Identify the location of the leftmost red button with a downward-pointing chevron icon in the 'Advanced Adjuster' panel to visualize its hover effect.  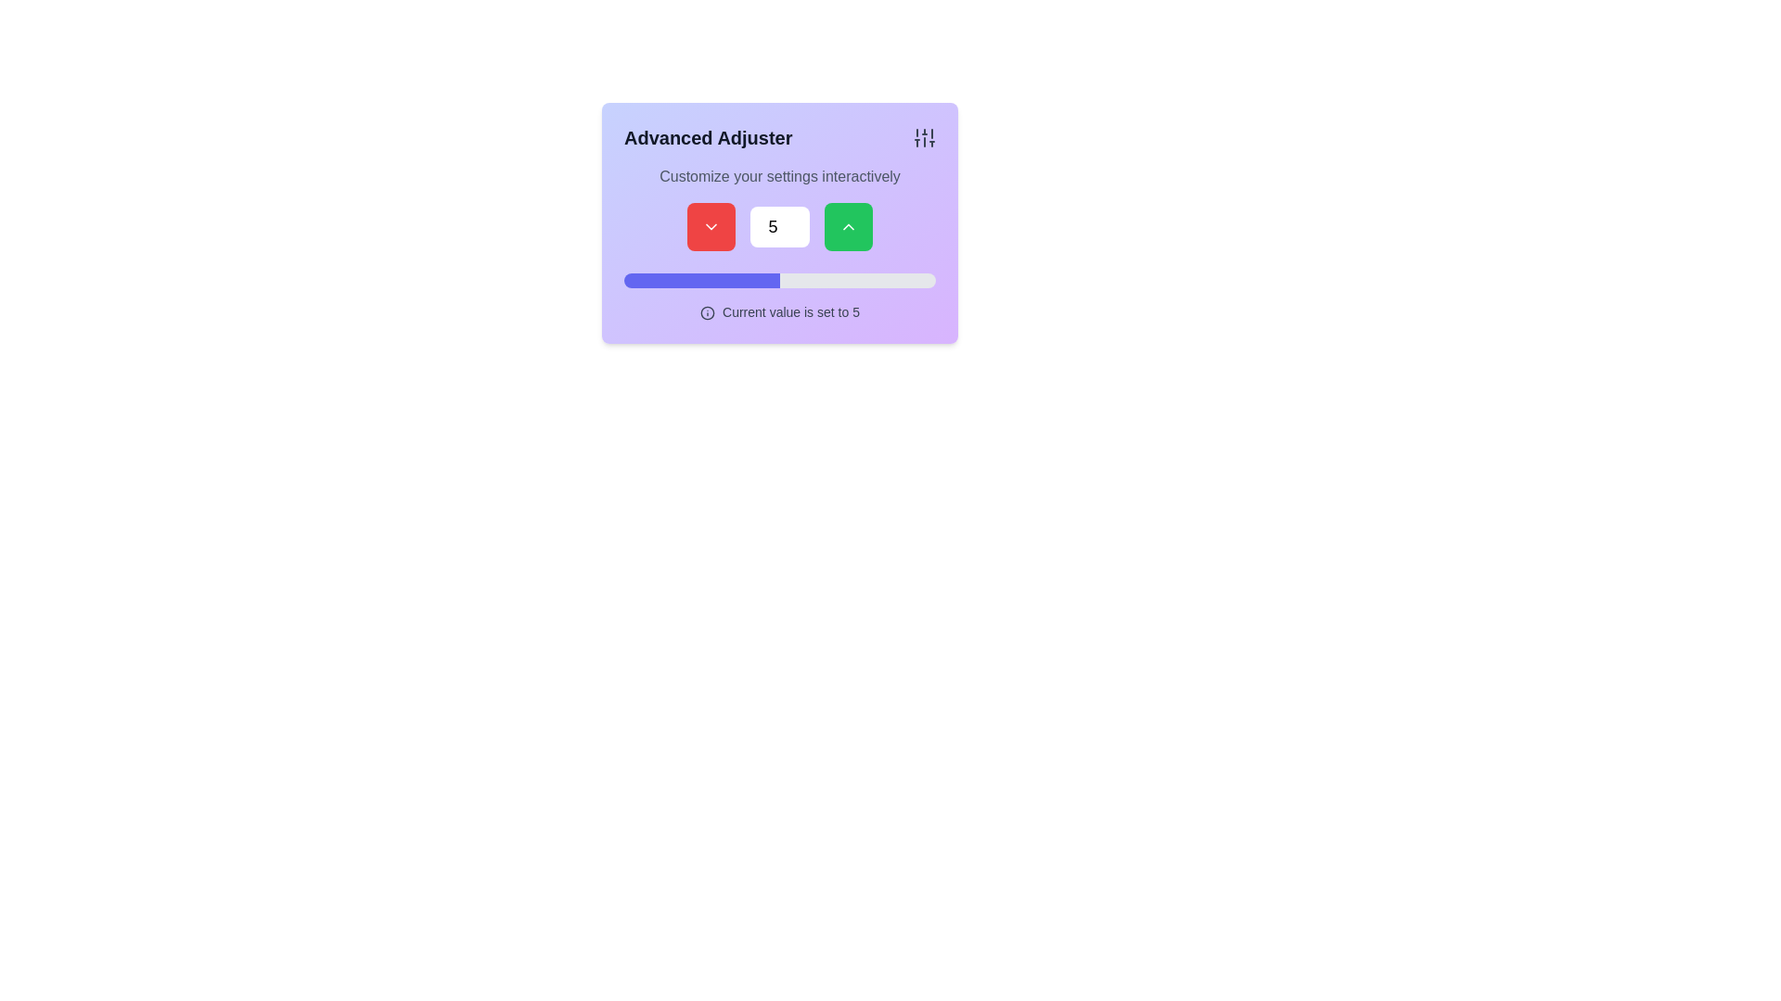
(711, 226).